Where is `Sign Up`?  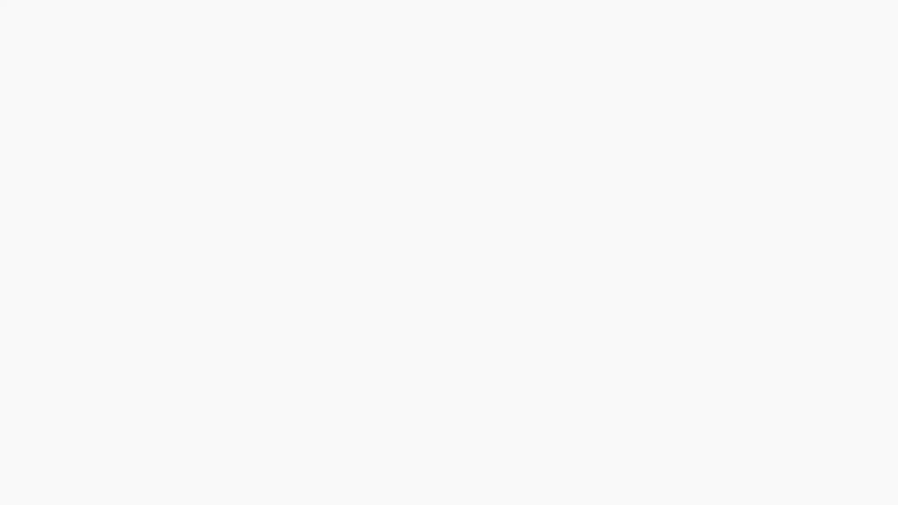 Sign Up is located at coordinates (116, 108).